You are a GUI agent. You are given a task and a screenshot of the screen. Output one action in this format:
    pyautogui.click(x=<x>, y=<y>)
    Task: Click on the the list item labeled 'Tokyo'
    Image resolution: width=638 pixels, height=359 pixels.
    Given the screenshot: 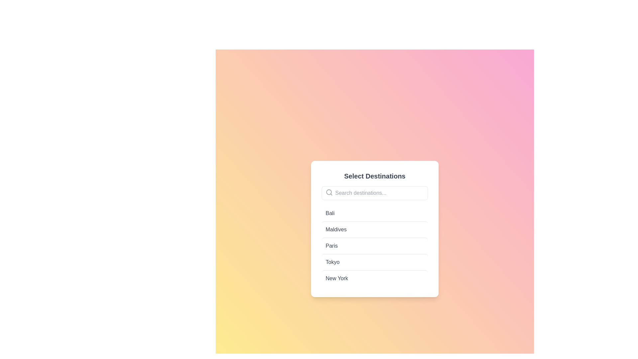 What is the action you would take?
    pyautogui.click(x=375, y=261)
    